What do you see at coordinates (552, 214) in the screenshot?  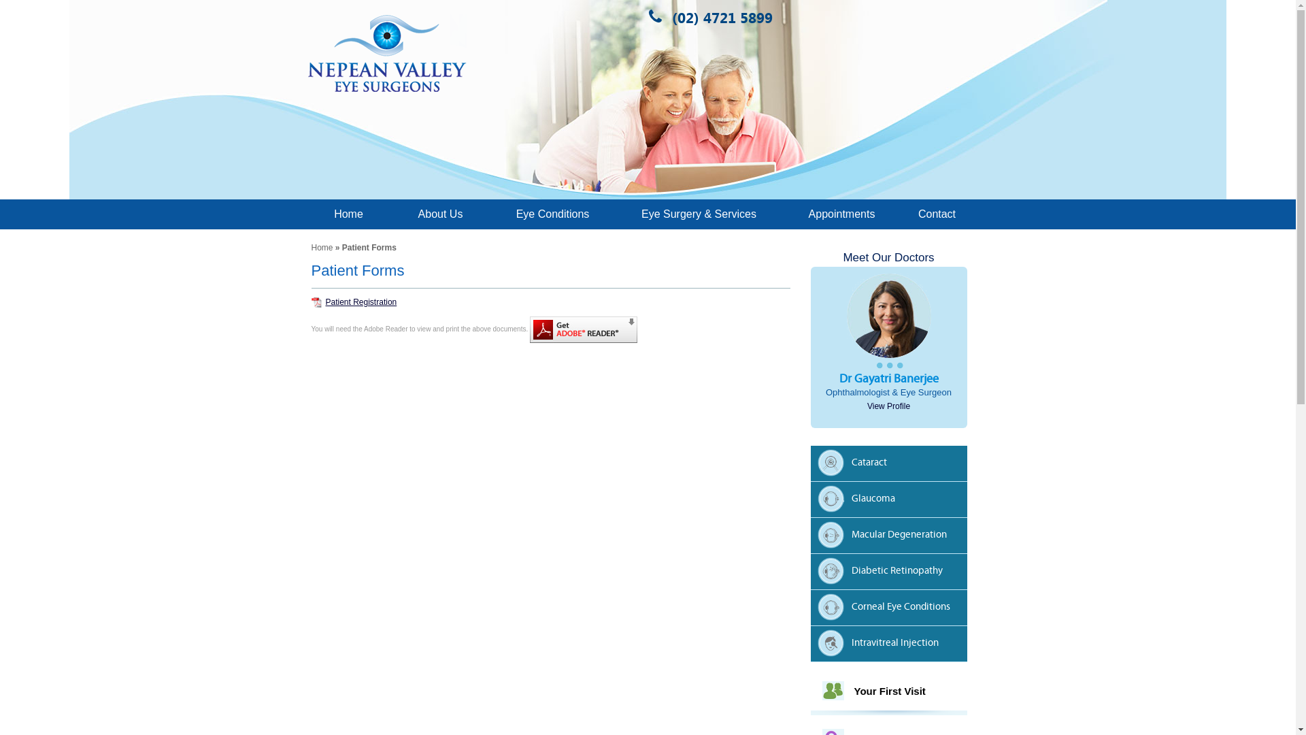 I see `'Eye Conditions'` at bounding box center [552, 214].